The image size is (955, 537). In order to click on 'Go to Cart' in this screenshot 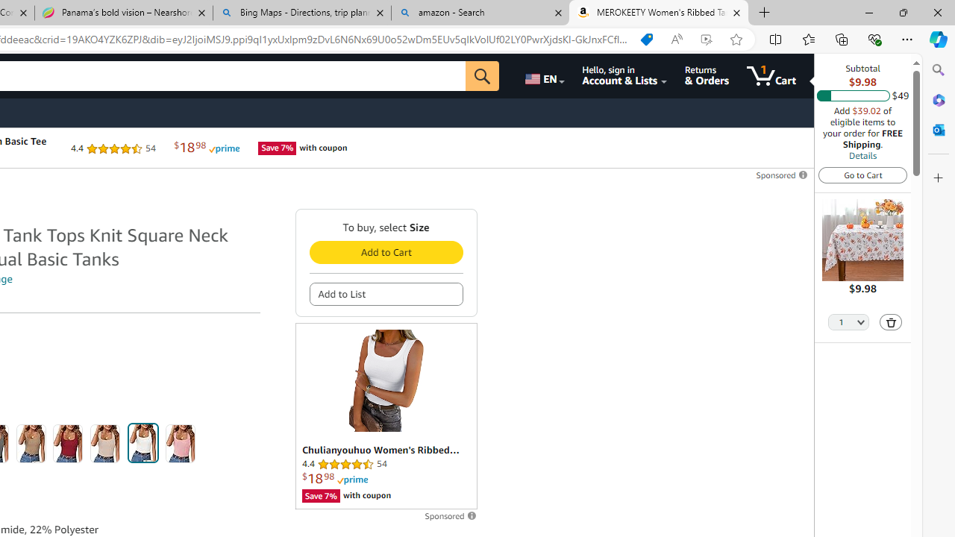, I will do `click(862, 174)`.